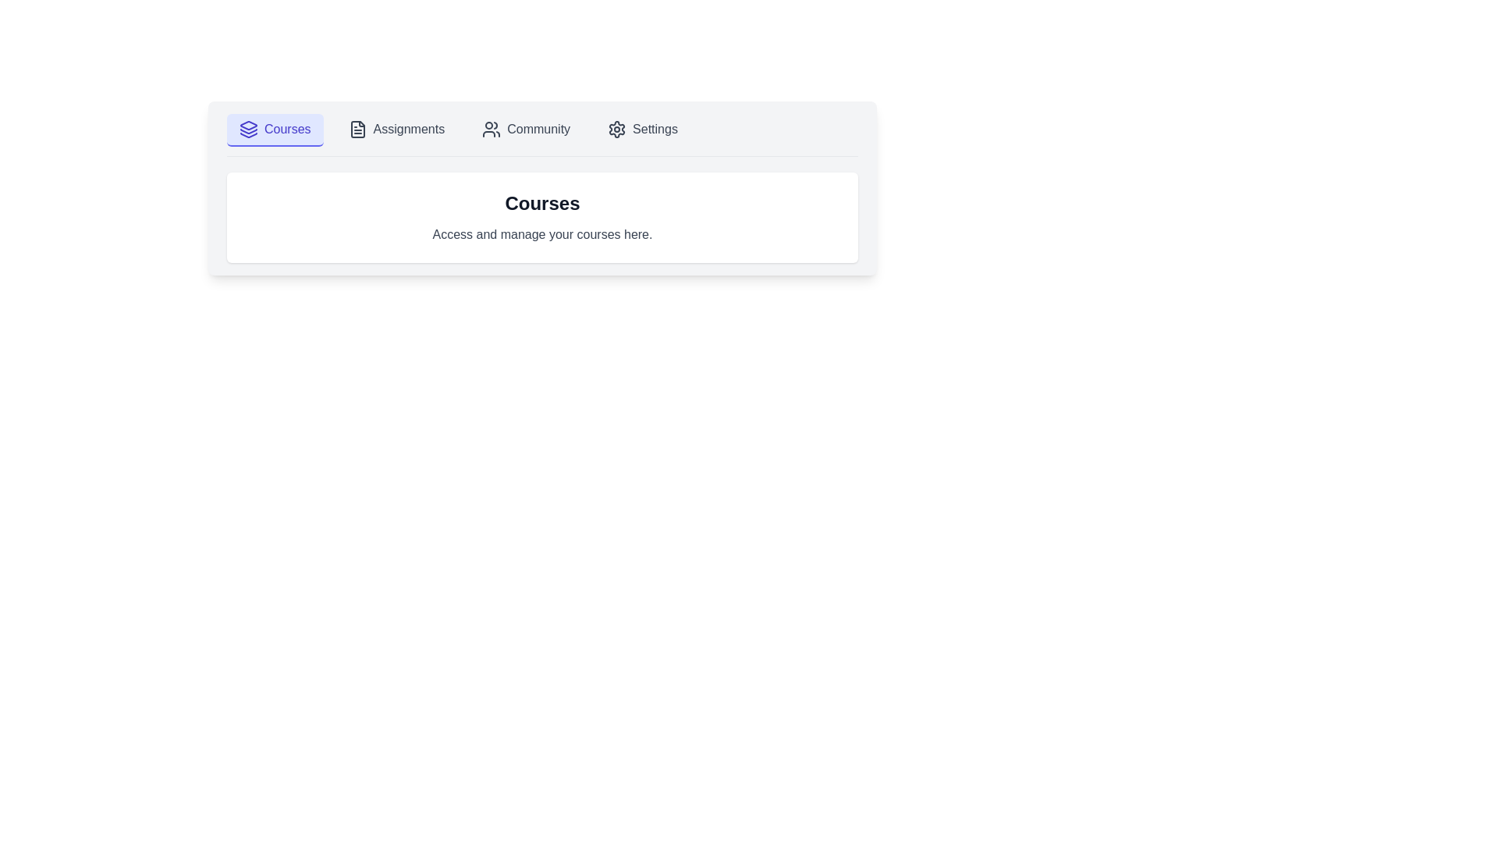  I want to click on the 'Courses' tab in the horizontal menu bar, so click(275, 129).